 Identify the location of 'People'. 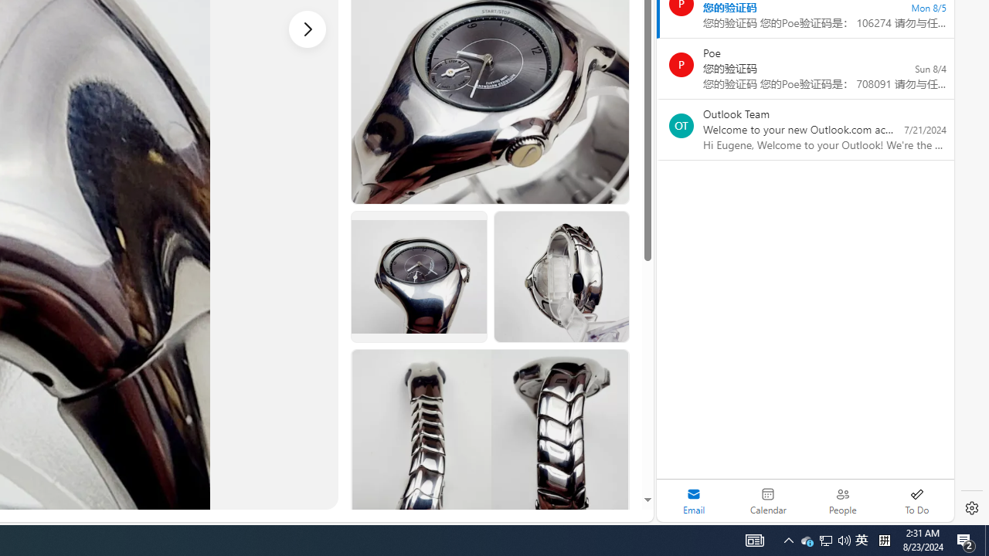
(841, 500).